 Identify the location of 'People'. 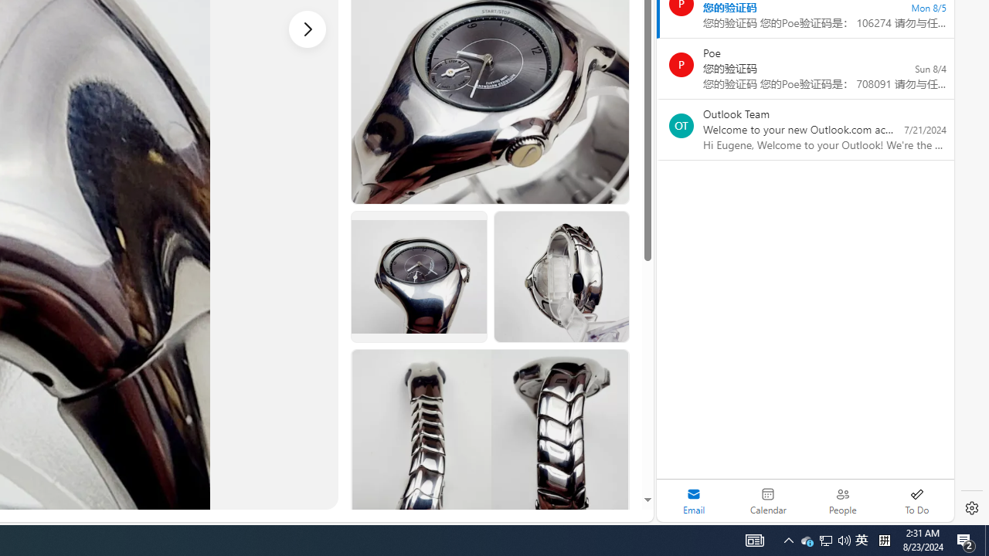
(841, 500).